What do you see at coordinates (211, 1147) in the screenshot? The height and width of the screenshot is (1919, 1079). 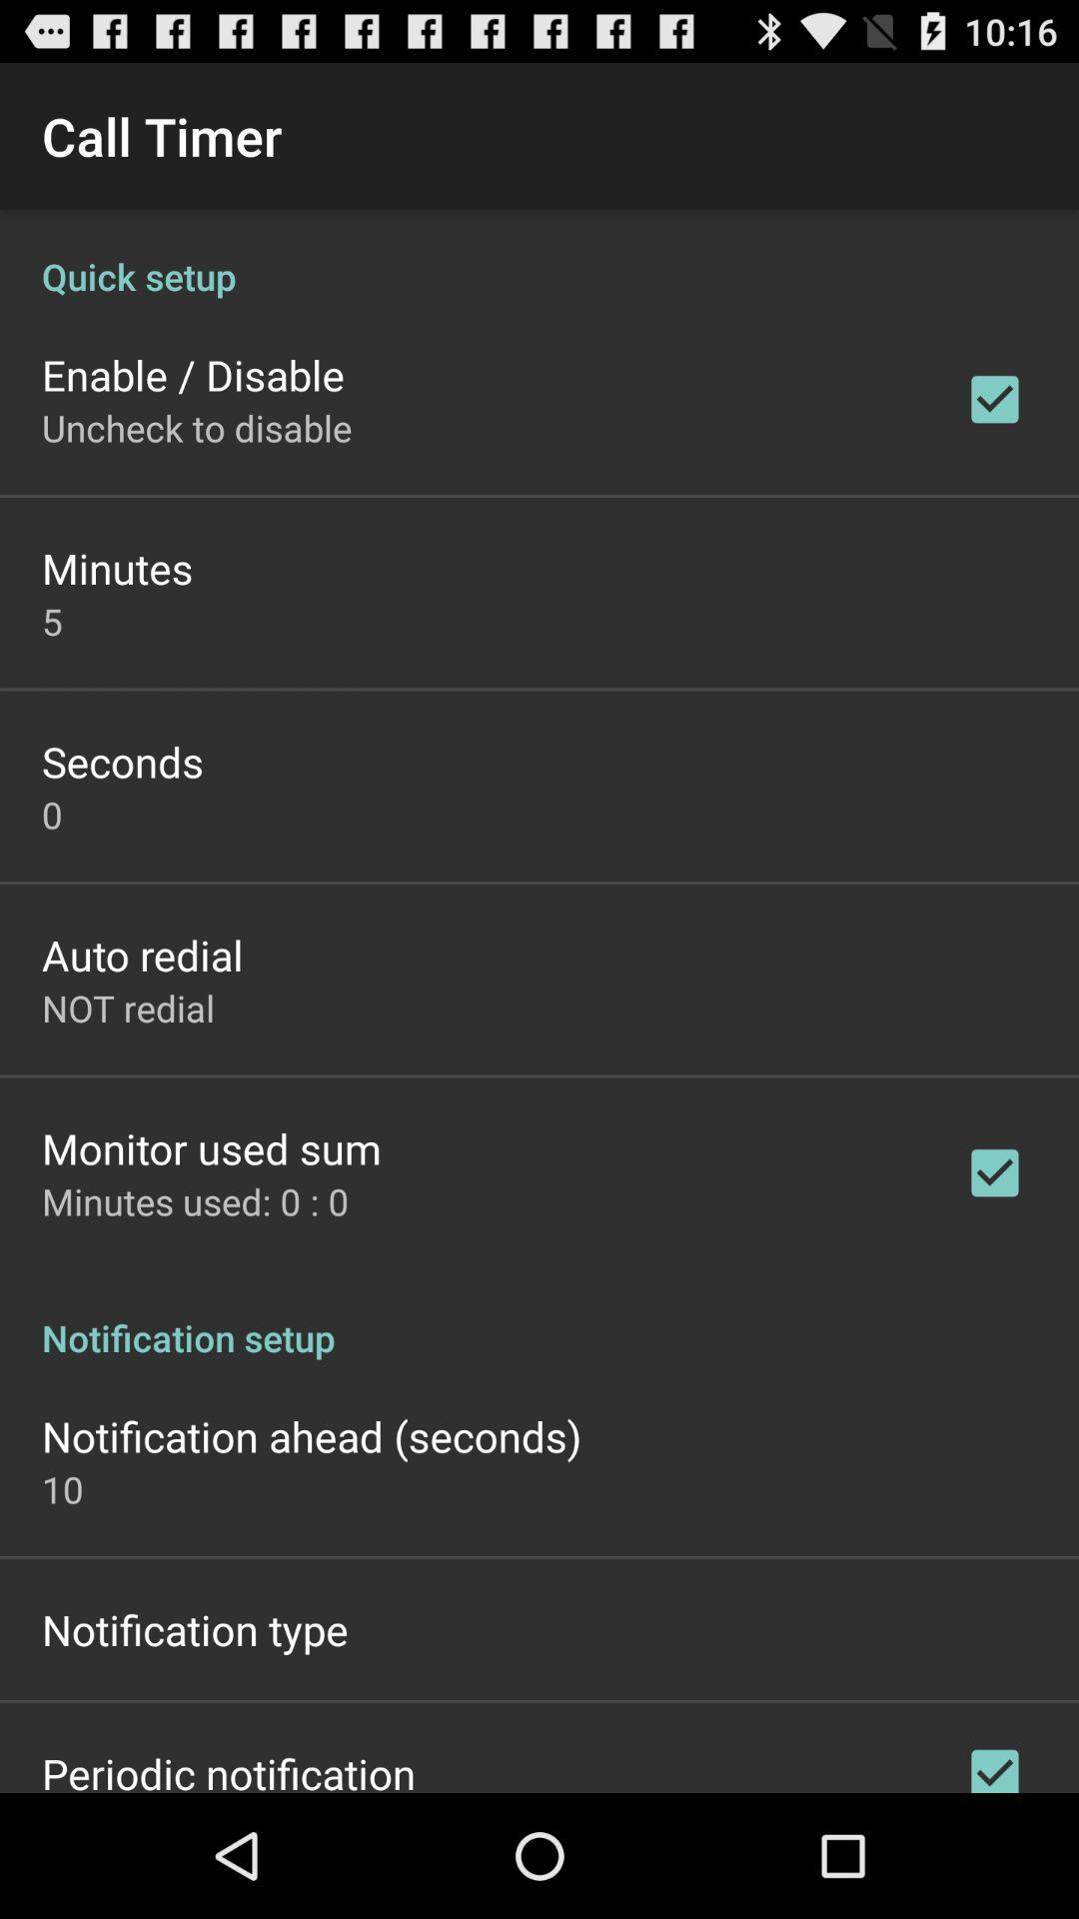 I see `monitor used sum item` at bounding box center [211, 1147].